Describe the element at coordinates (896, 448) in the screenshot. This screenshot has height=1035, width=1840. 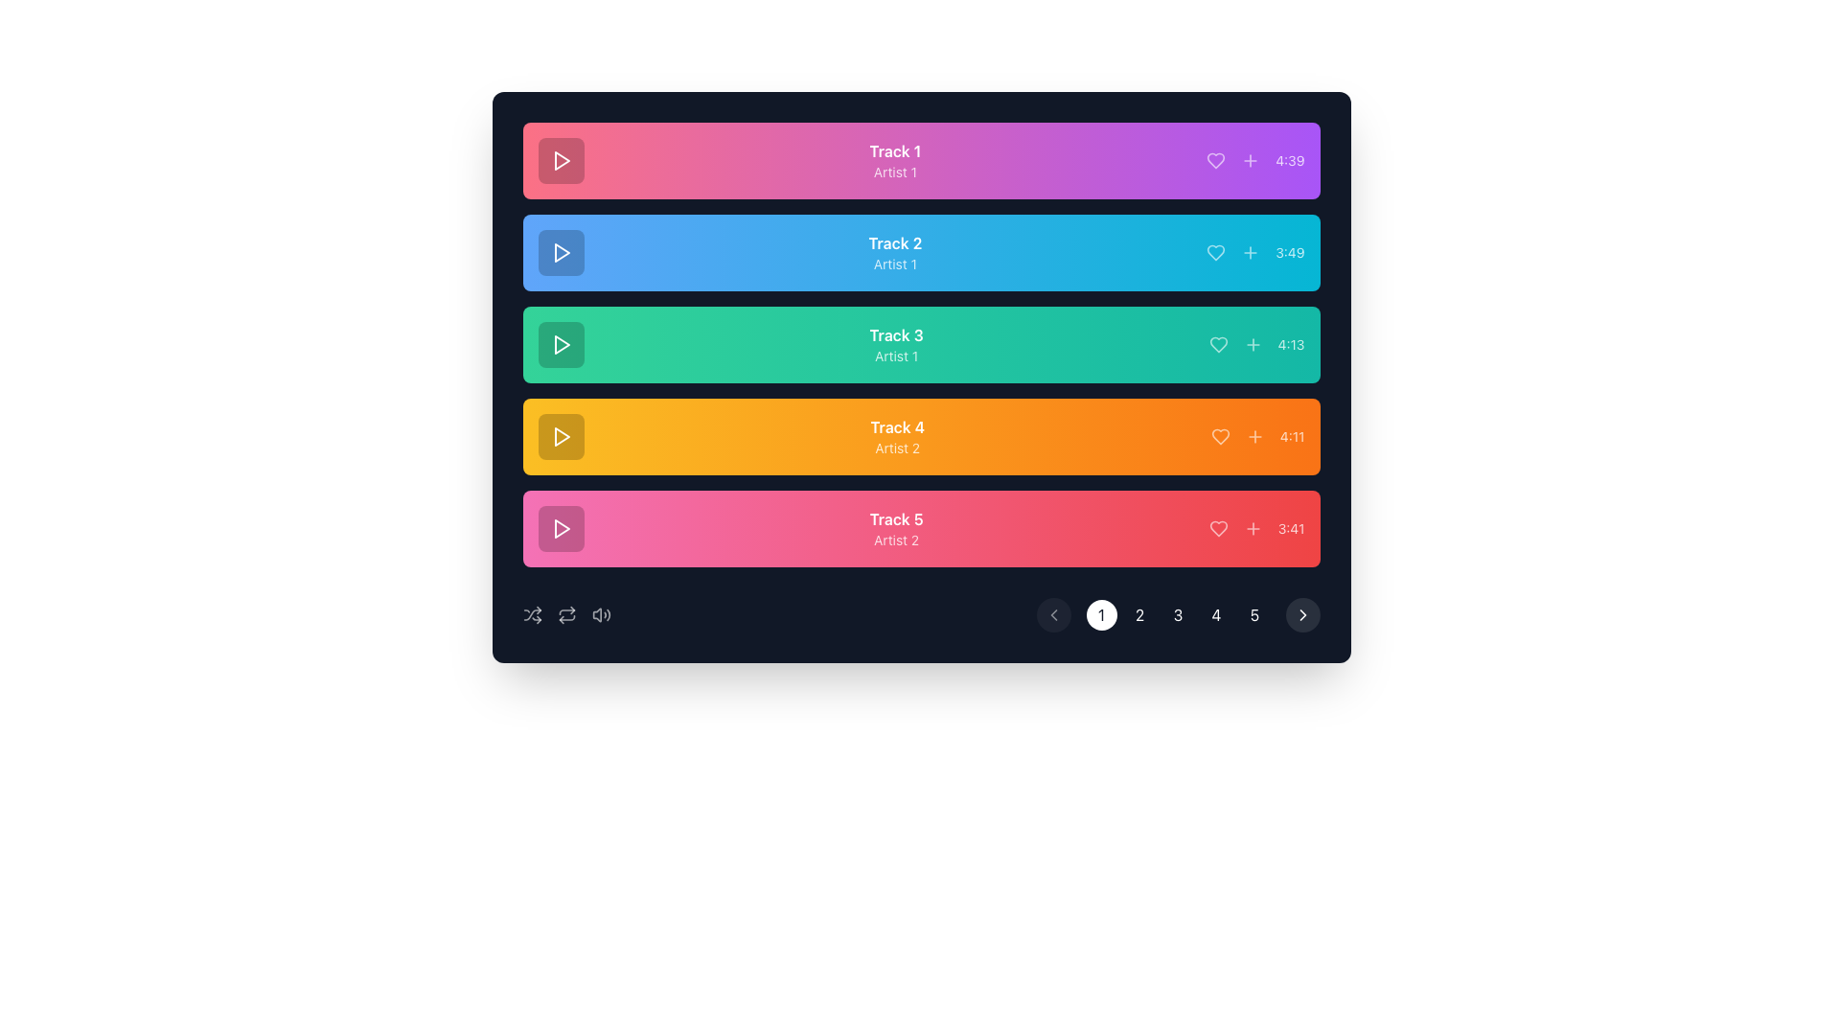
I see `the static text label that provides the name of the artist associated with 'Track 4', which is located within the fourth list item and centered horizontally within the orange background area` at that location.